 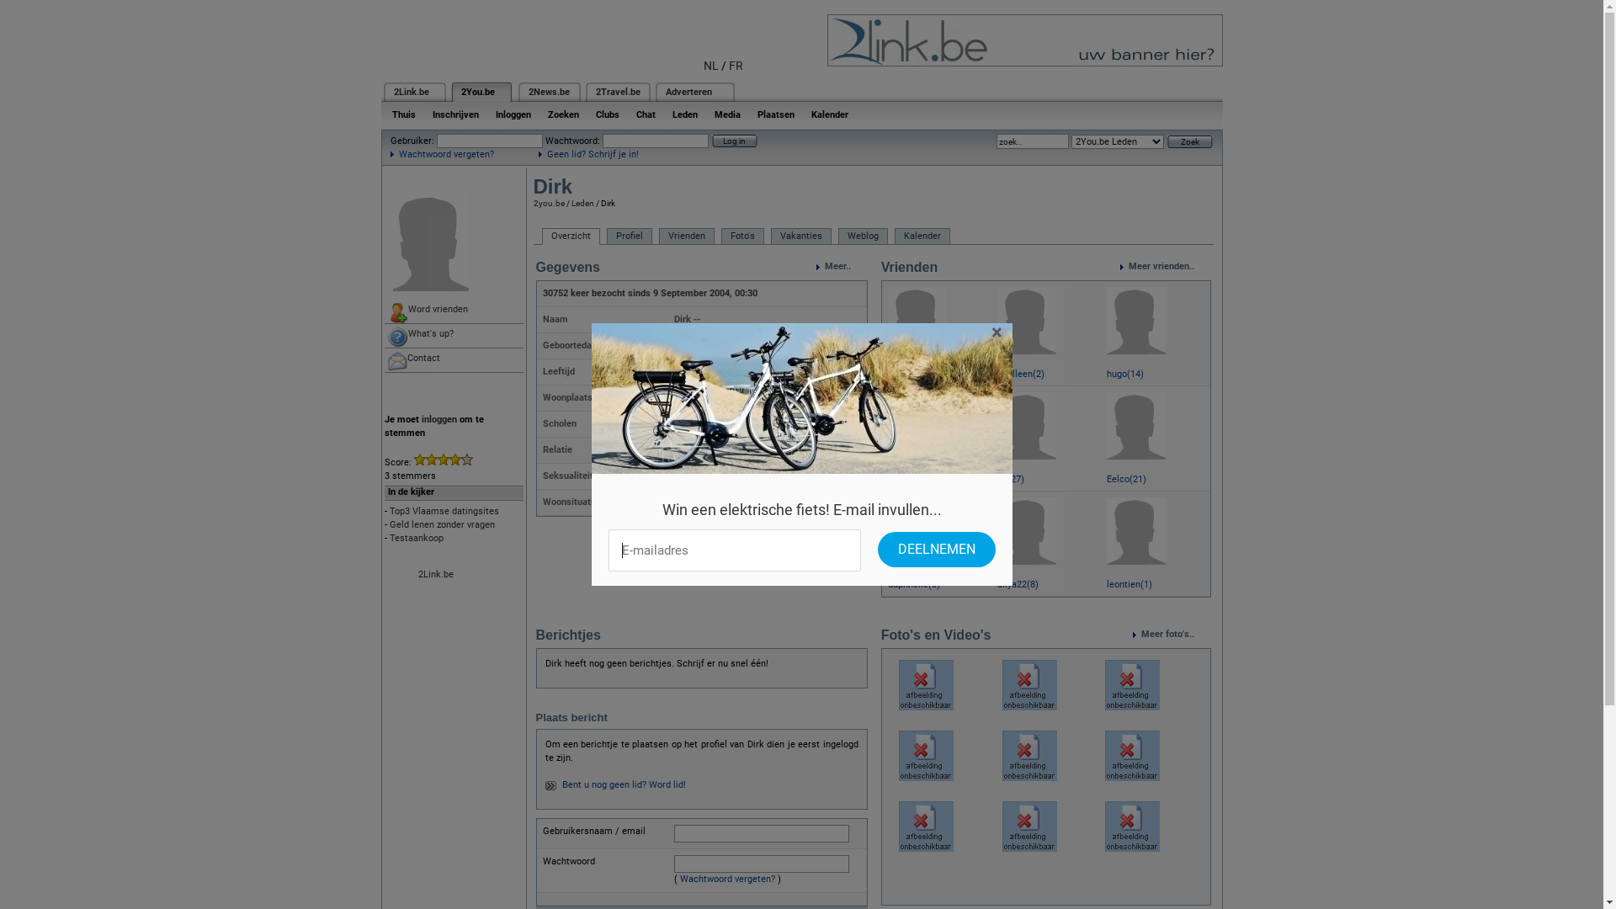 I want to click on 'hugo(14)', so click(x=1125, y=373).